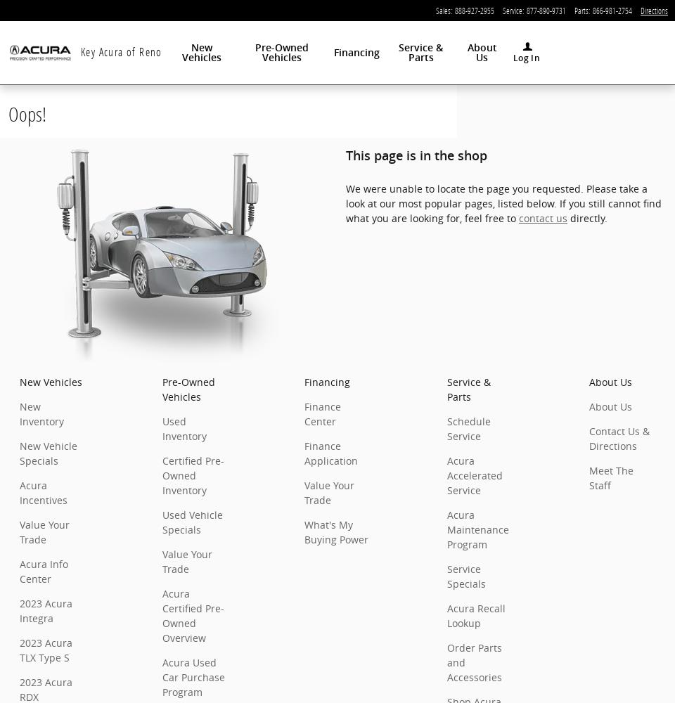  What do you see at coordinates (191, 616) in the screenshot?
I see `'Acura Certified Pre-Owned Overview'` at bounding box center [191, 616].